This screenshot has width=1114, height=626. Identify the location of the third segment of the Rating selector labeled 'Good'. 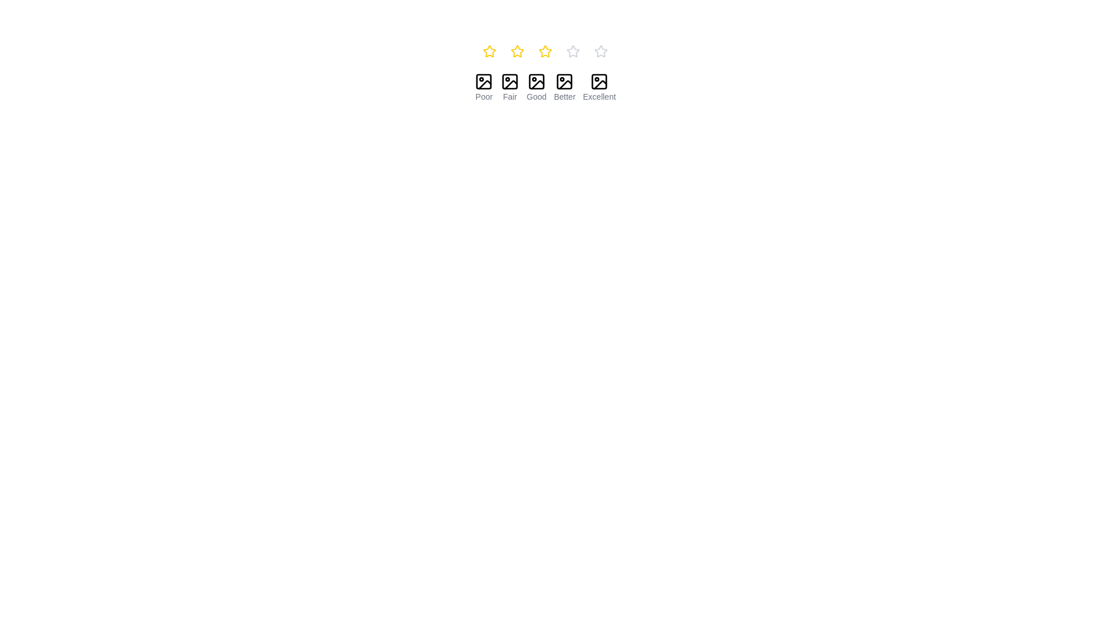
(545, 86).